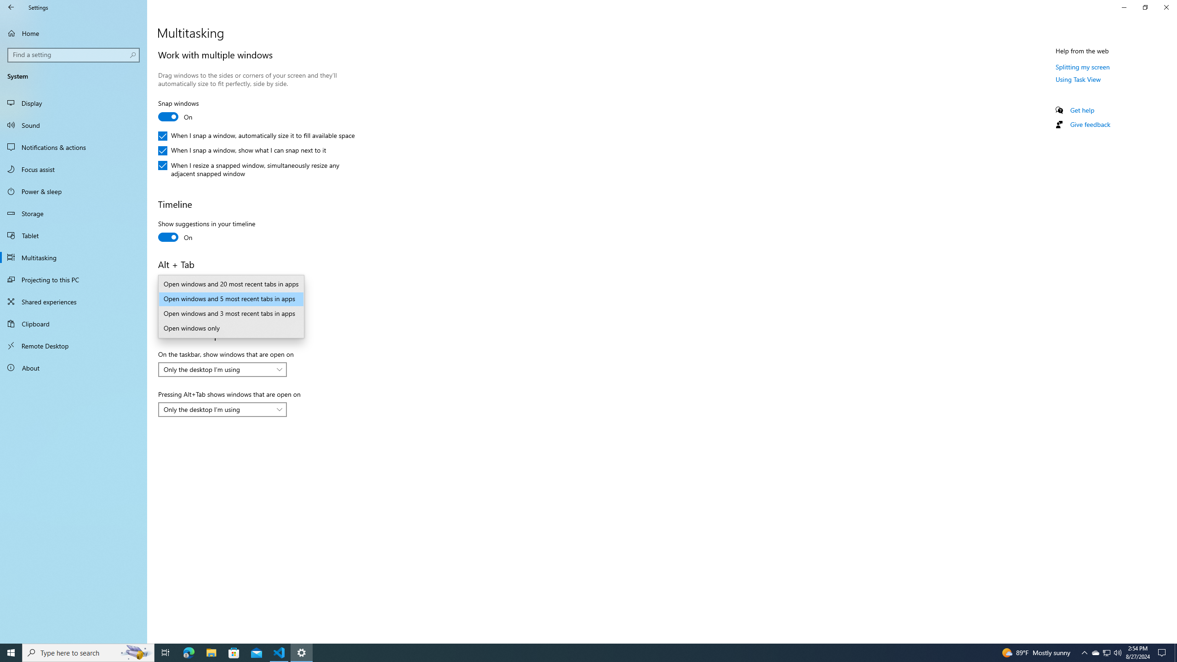 The height and width of the screenshot is (662, 1177). Describe the element at coordinates (234, 652) in the screenshot. I see `'Microsoft Store'` at that location.